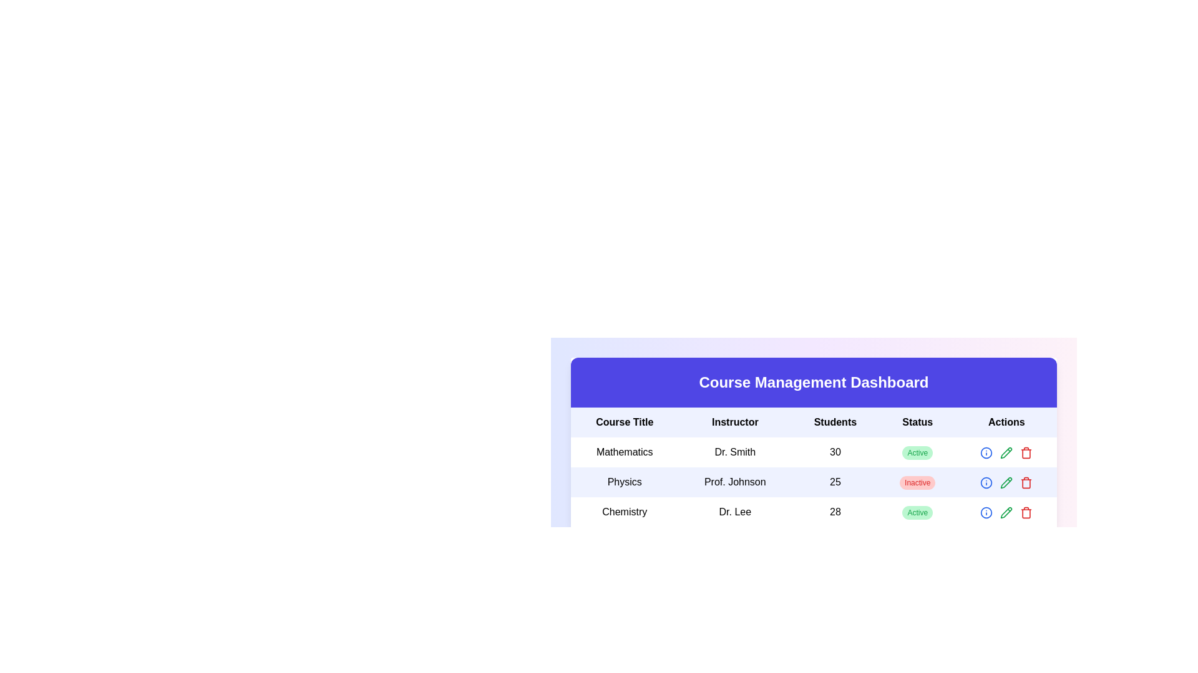 This screenshot has height=673, width=1198. What do you see at coordinates (1006, 482) in the screenshot?
I see `the small green pencil icon located under the 'Actions' column in the 'Physics' row` at bounding box center [1006, 482].